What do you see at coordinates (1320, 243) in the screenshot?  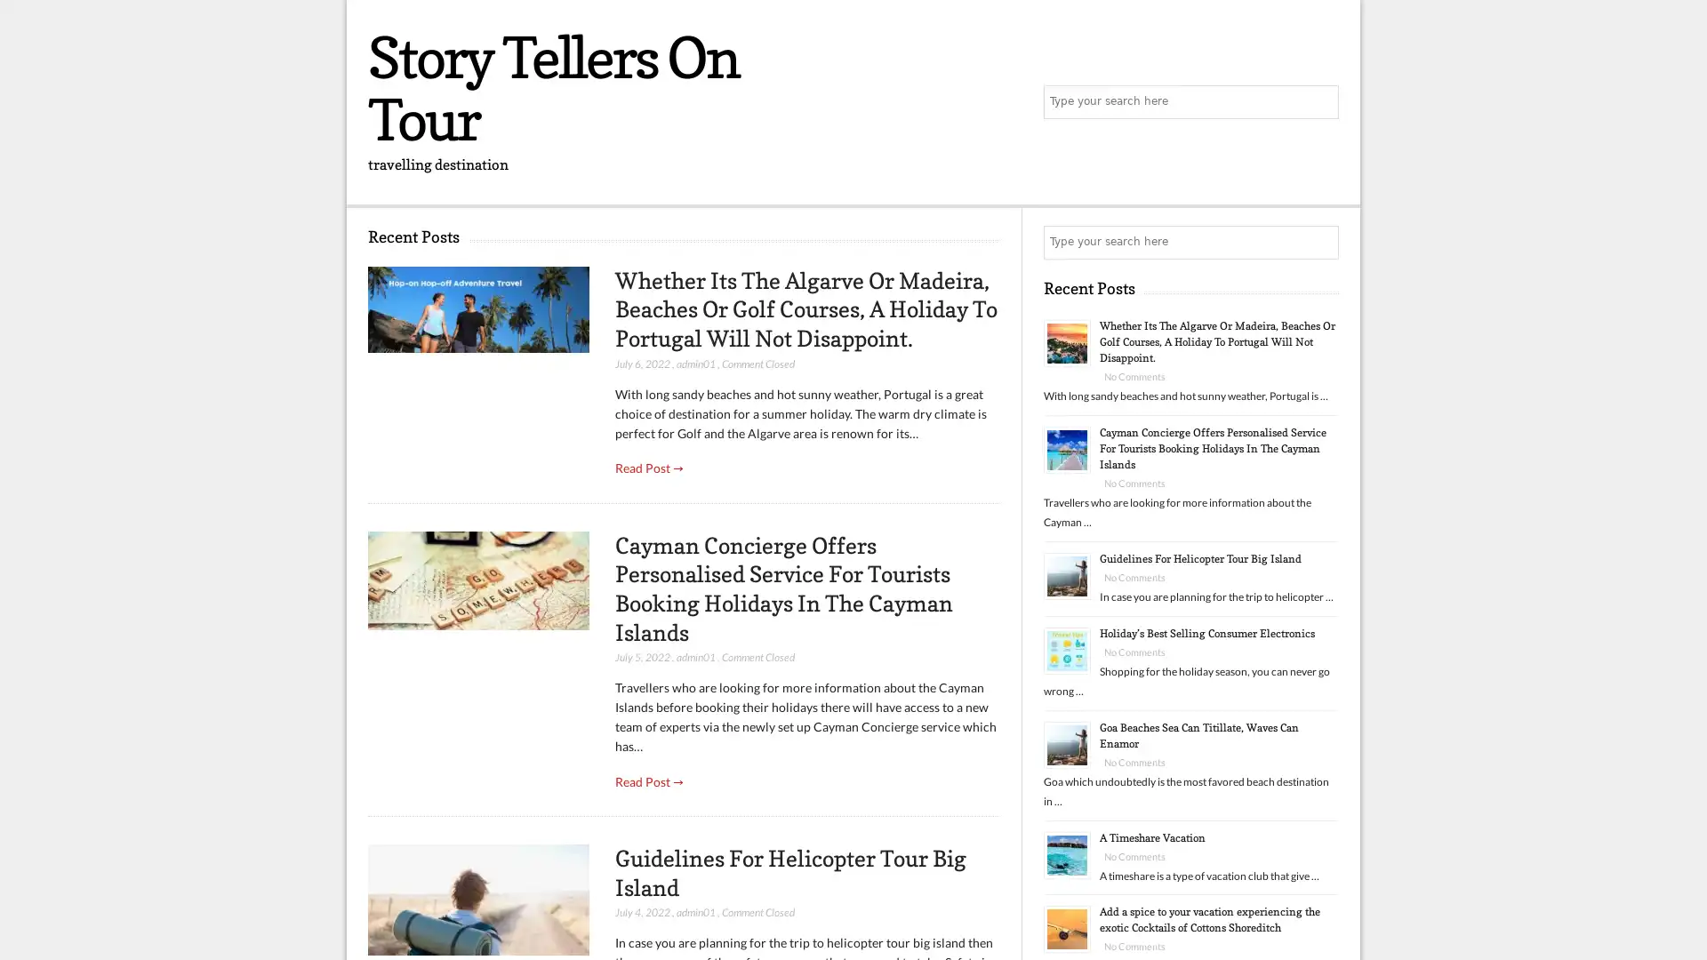 I see `Search` at bounding box center [1320, 243].